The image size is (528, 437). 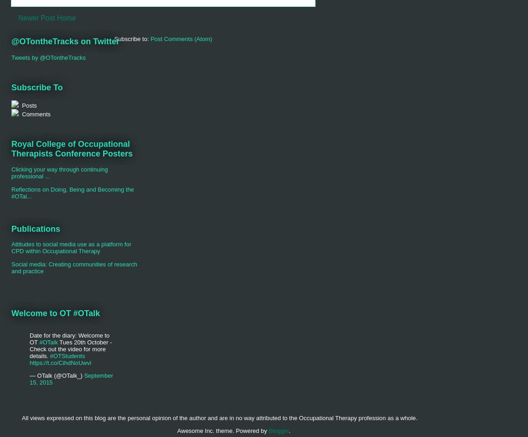 What do you see at coordinates (29, 349) in the screenshot?
I see `'Tues 20th October - Check out the video for more details.'` at bounding box center [29, 349].